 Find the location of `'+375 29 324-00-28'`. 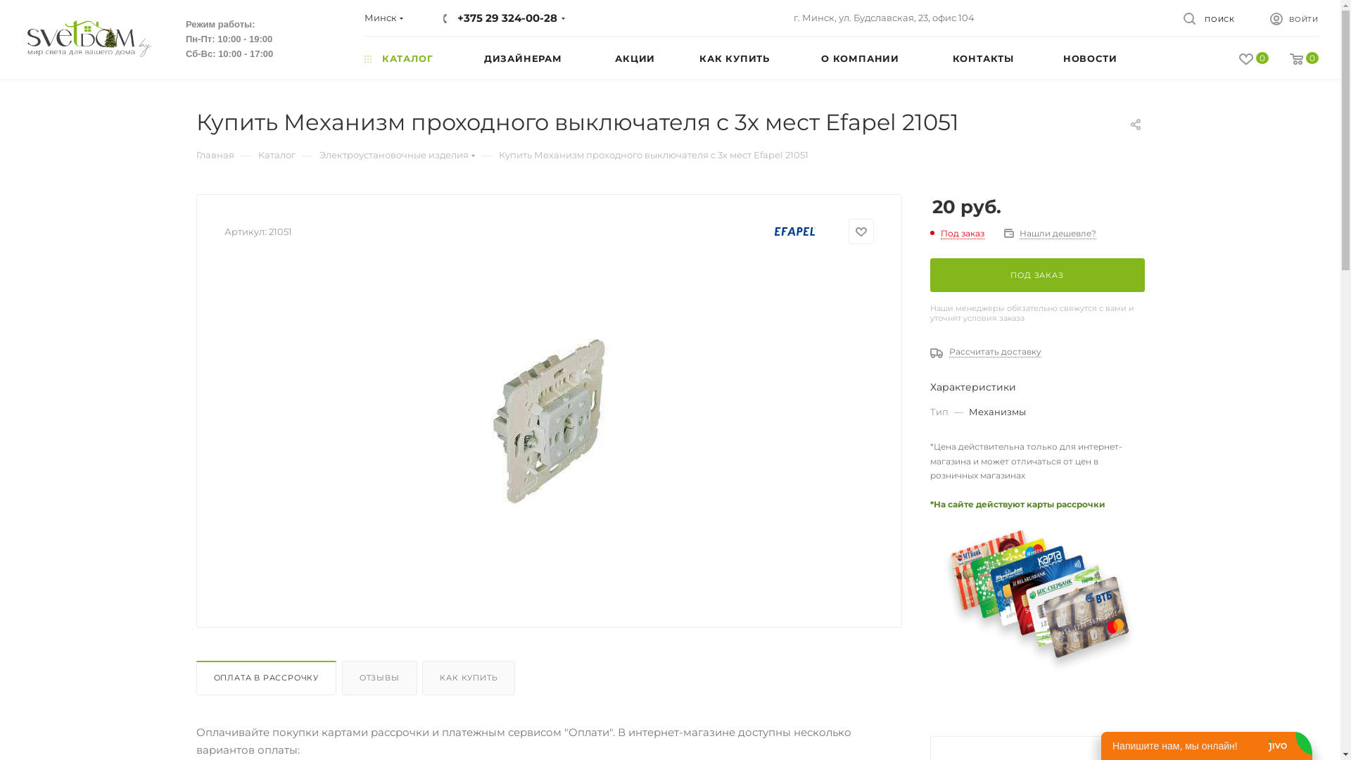

'+375 29 324-00-28' is located at coordinates (507, 18).